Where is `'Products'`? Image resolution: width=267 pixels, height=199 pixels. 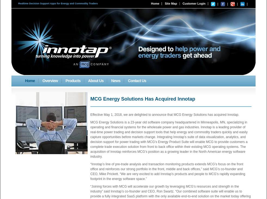 'Products' is located at coordinates (65, 80).